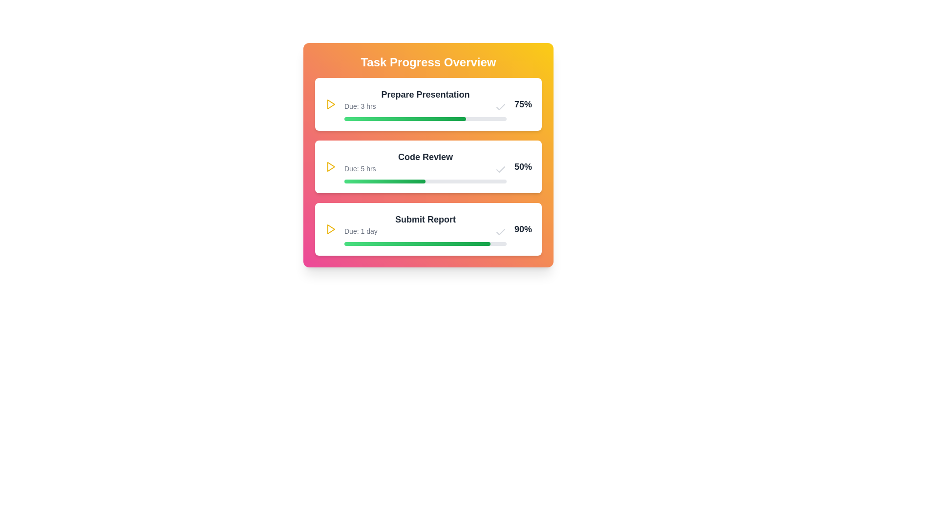 This screenshot has height=527, width=938. I want to click on the completion status icon located in the 'Submit Report' section, so click(500, 232).